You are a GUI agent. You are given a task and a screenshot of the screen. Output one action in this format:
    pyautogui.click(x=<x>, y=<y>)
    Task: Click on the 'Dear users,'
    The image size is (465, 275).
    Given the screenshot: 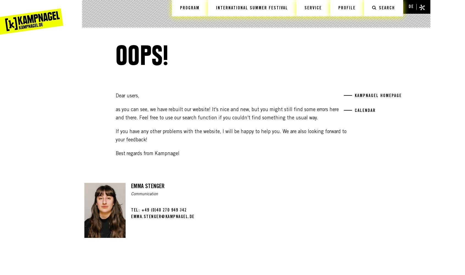 What is the action you would take?
    pyautogui.click(x=127, y=96)
    